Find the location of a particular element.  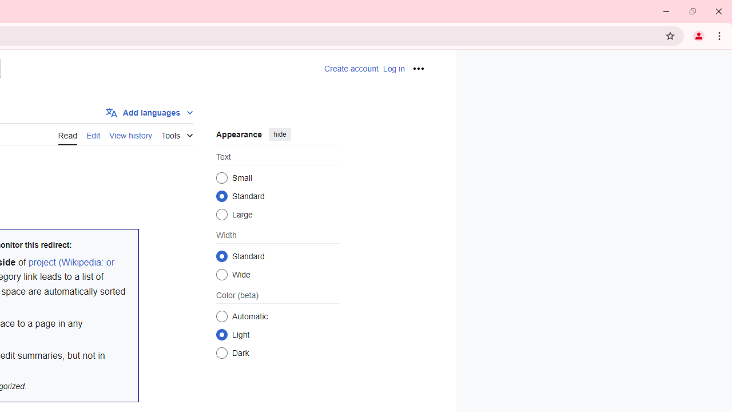

'Read' is located at coordinates (66, 134).